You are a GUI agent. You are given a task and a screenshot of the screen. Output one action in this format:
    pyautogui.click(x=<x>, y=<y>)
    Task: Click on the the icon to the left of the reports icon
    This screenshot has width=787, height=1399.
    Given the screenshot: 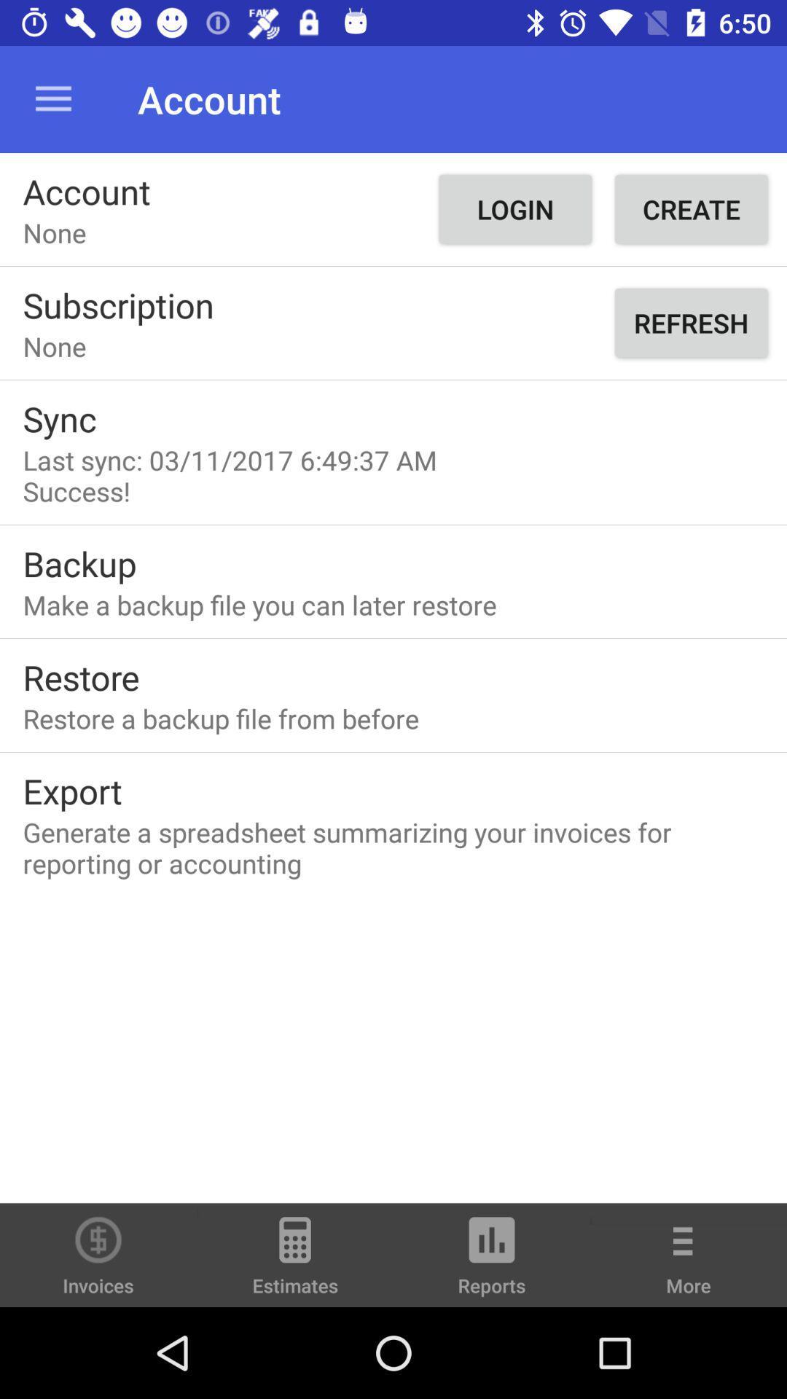 What is the action you would take?
    pyautogui.click(x=295, y=1261)
    